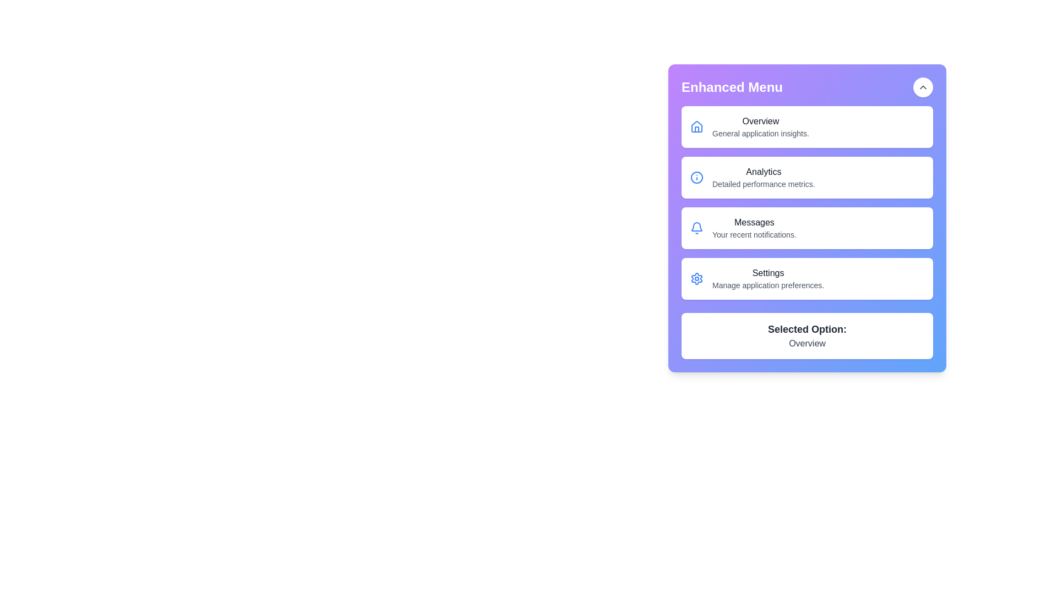  Describe the element at coordinates (807, 278) in the screenshot. I see `the 'Settings' button, which is a rectangular button with a white background, rounded corners, and a gear icon on the left` at that location.